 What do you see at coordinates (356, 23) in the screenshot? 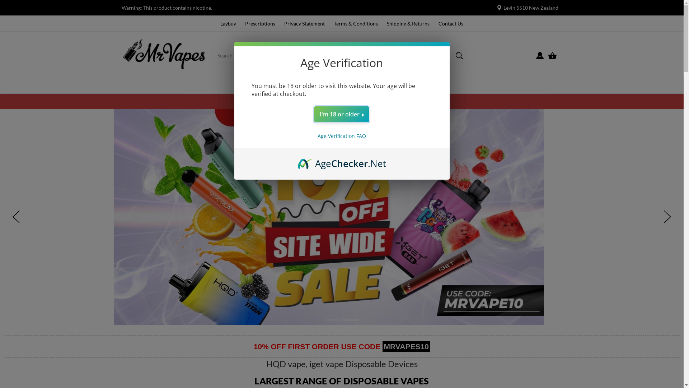
I see `'Terms & Conditions'` at bounding box center [356, 23].